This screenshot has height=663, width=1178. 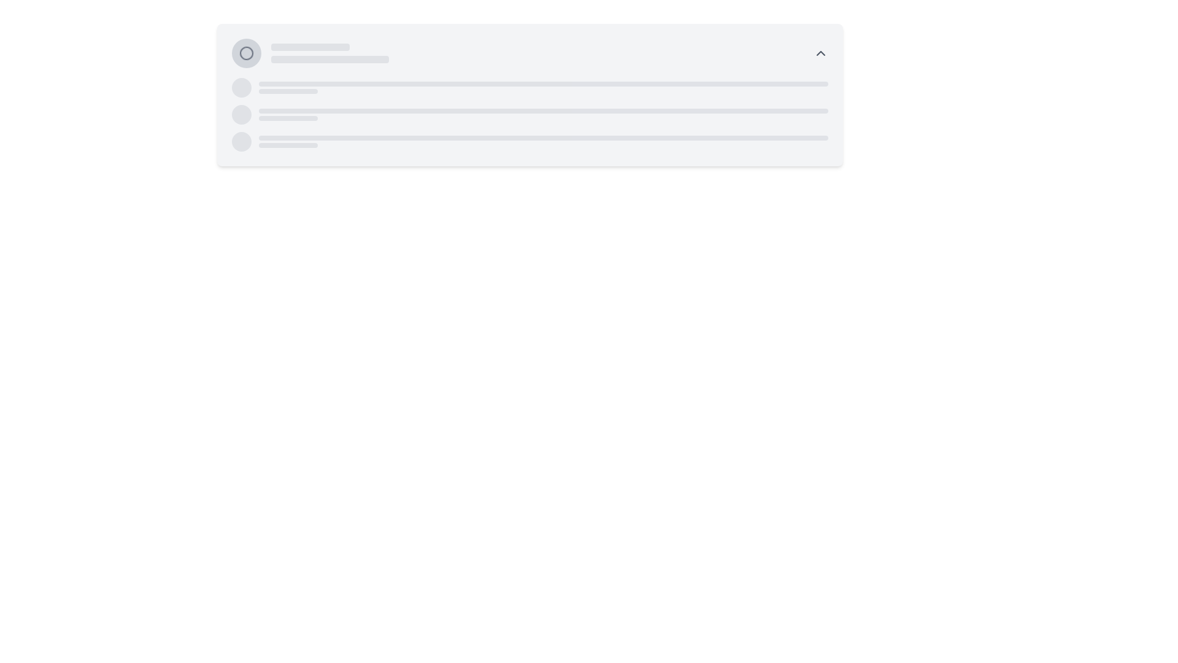 What do you see at coordinates (821, 53) in the screenshot?
I see `the dropdown toggle icon located at the top-right of the main UI` at bounding box center [821, 53].